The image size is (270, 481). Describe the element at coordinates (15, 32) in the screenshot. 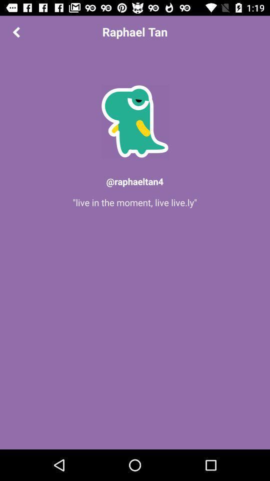

I see `shows previous icon` at that location.